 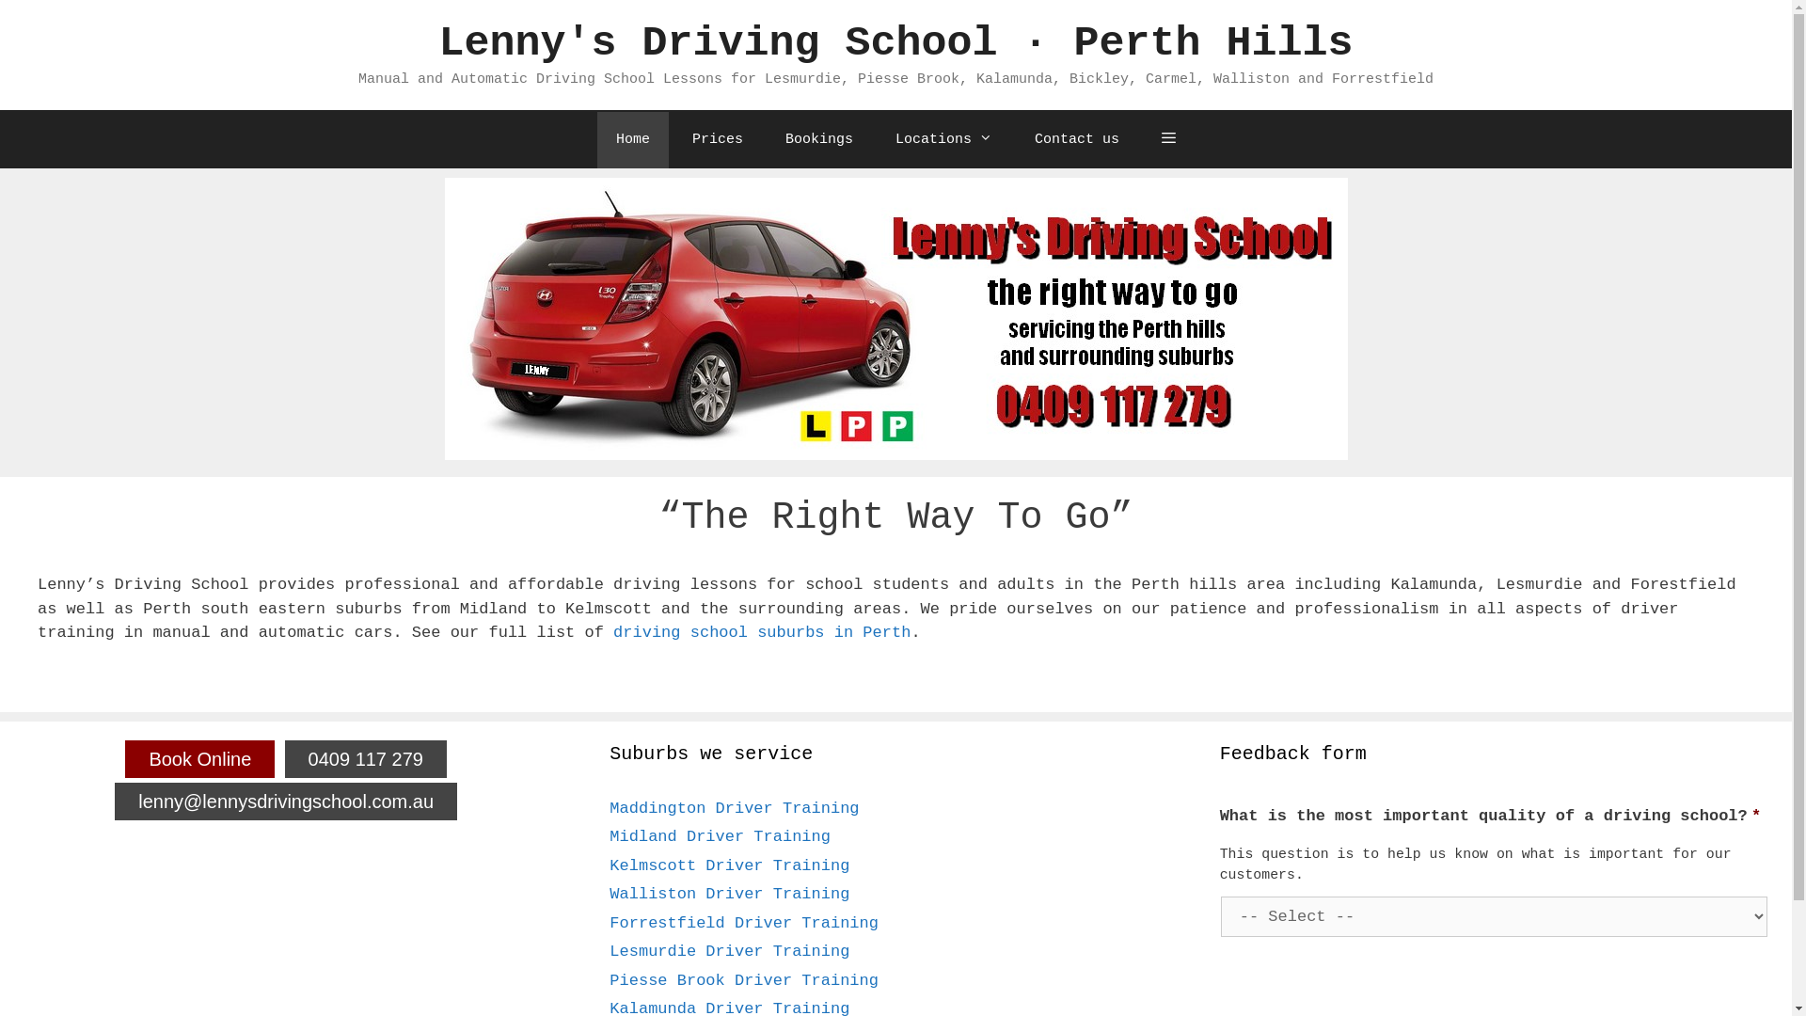 I want to click on 'Walliston Driver Training', so click(x=728, y=893).